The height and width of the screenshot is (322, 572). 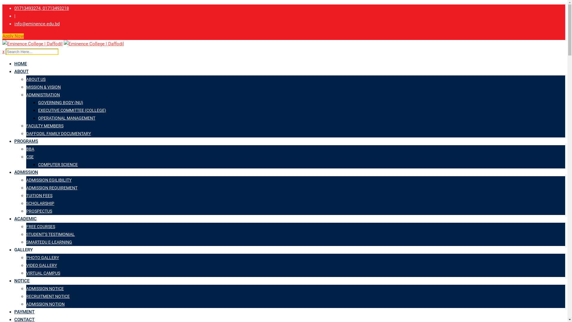 I want to click on 'SCHOLARSHIP', so click(x=26, y=203).